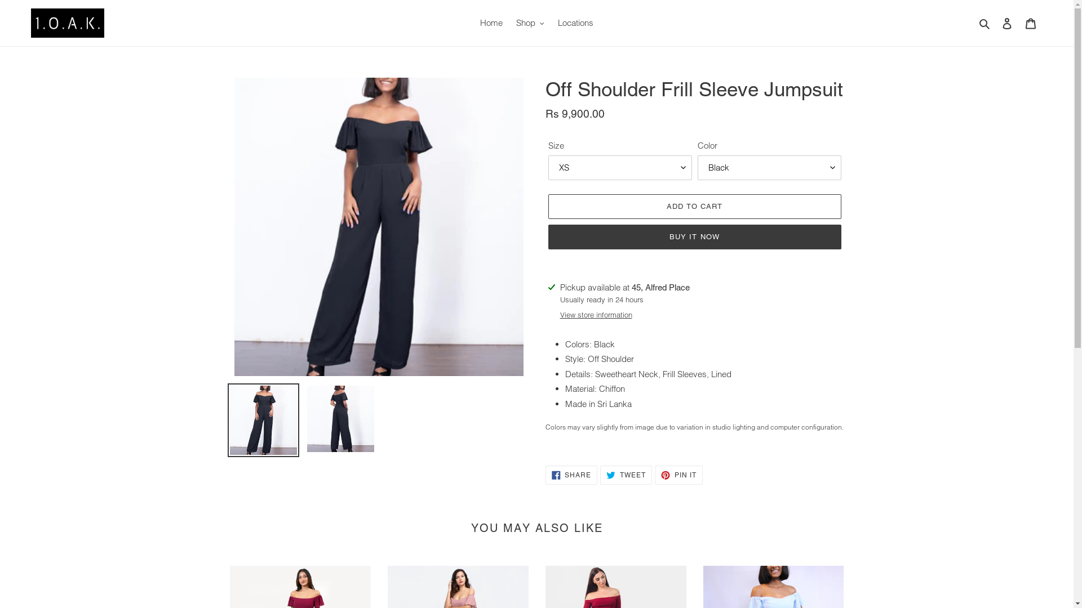 Image resolution: width=1082 pixels, height=608 pixels. What do you see at coordinates (560, 315) in the screenshot?
I see `'View store information'` at bounding box center [560, 315].